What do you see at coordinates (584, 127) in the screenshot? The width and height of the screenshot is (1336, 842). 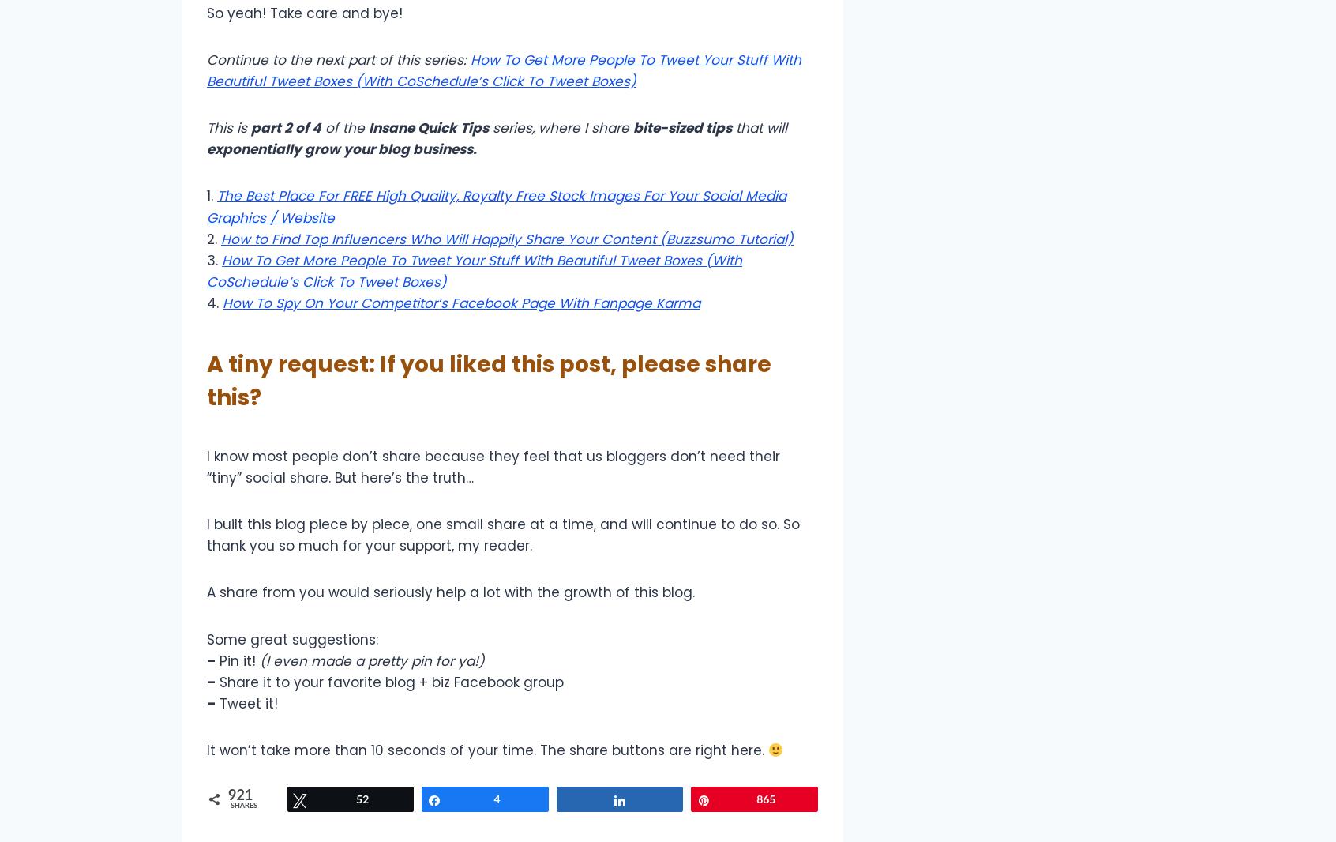 I see `'where I share'` at bounding box center [584, 127].